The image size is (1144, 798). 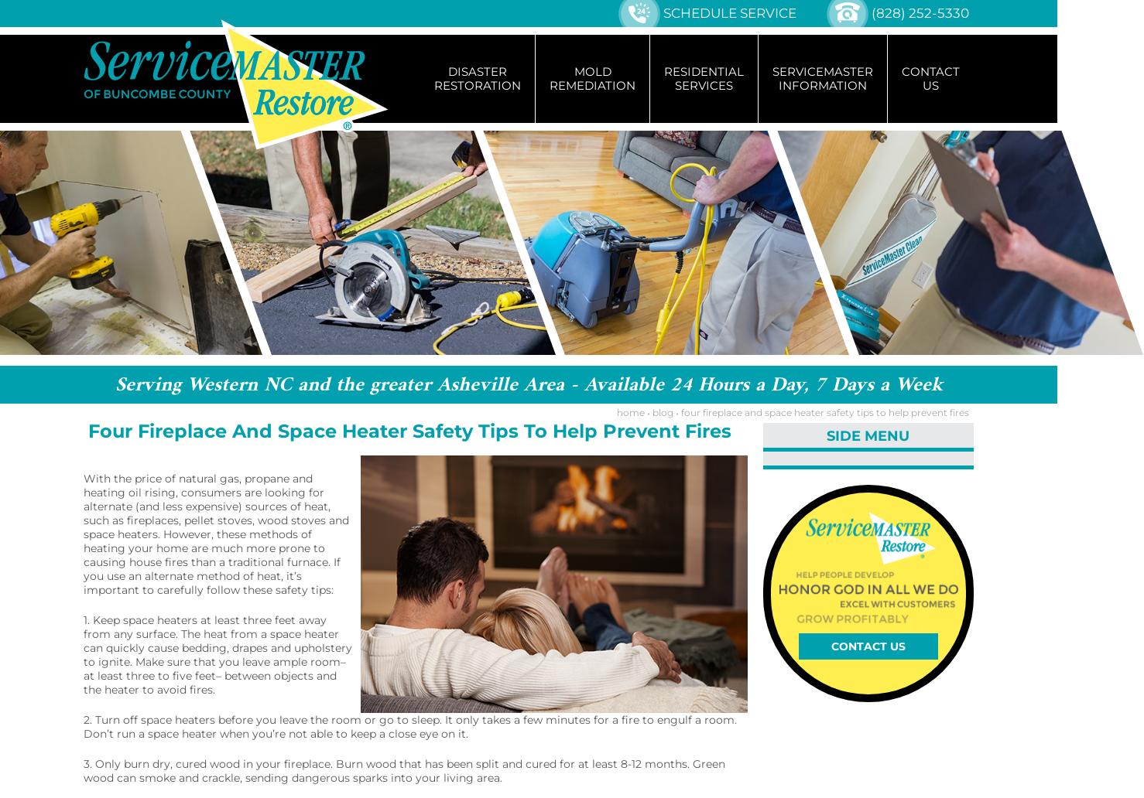 What do you see at coordinates (404, 770) in the screenshot?
I see `'3. Only burn dry, cured wood in your fireplace. Burn wood that has been split and cured for at least 8-12 months. Green wood can smoke and crackle, sending dangerous sparks into your living area.'` at bounding box center [404, 770].